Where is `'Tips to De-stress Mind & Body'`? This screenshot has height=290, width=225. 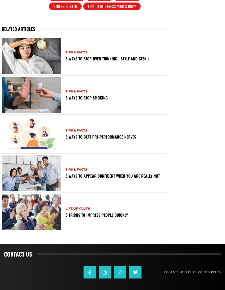
'Tips to De-stress Mind & Body' is located at coordinates (112, 6).